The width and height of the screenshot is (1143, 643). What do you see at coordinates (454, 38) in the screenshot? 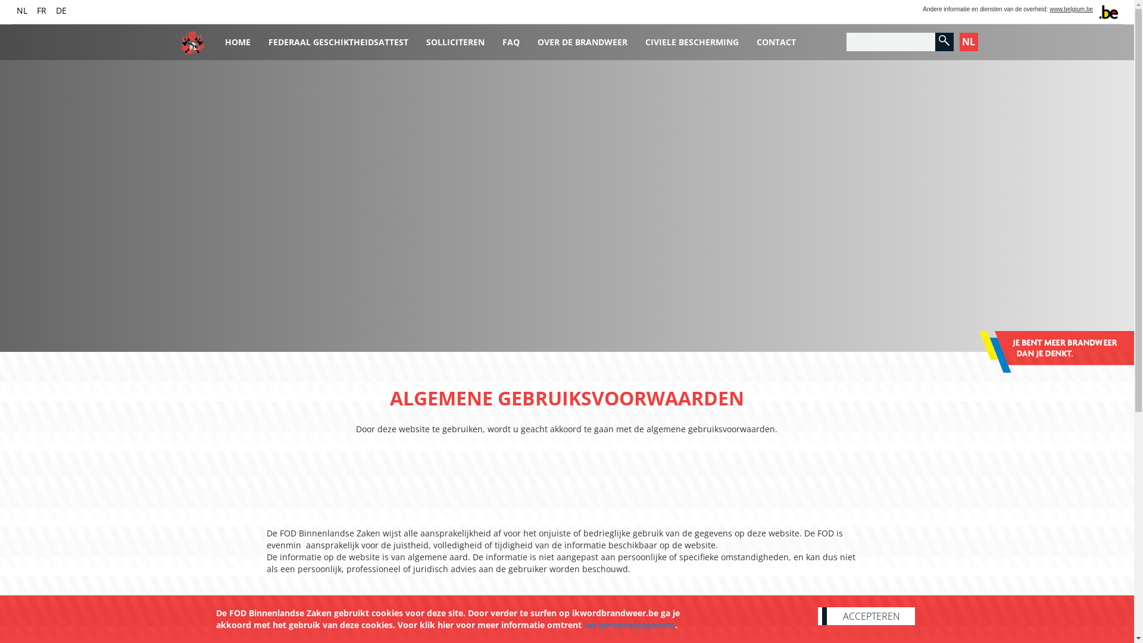
I see `'SOLLICITEREN'` at bounding box center [454, 38].